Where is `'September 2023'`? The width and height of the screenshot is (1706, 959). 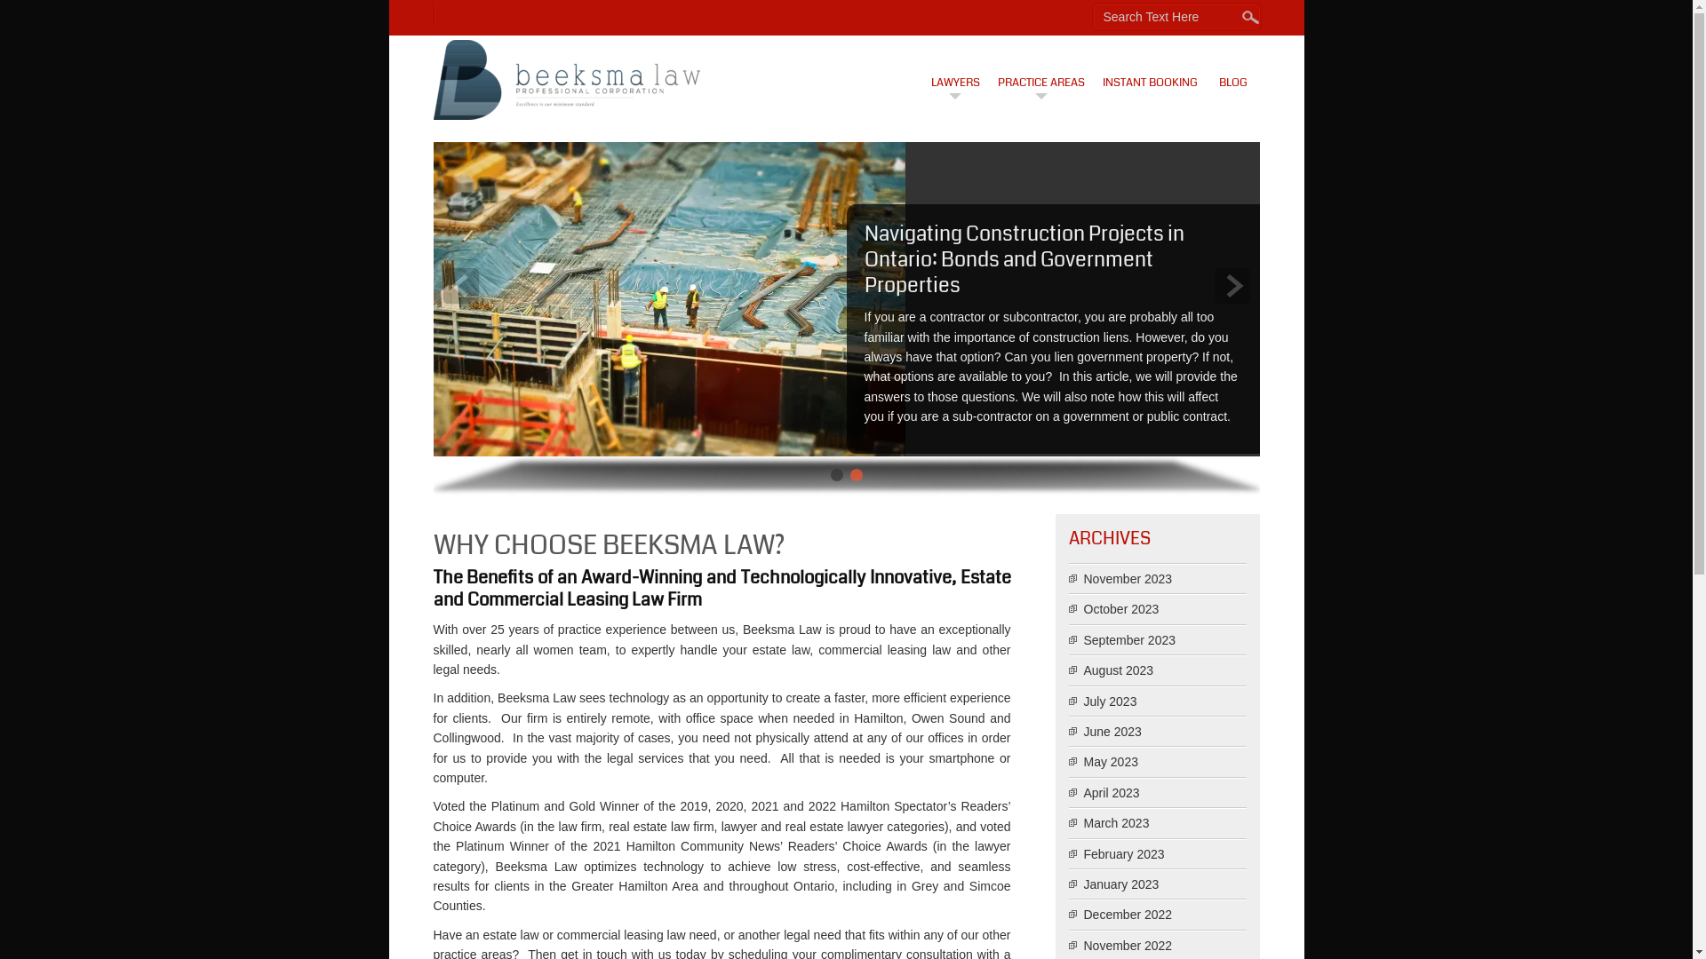
'September 2023' is located at coordinates (1129, 640).